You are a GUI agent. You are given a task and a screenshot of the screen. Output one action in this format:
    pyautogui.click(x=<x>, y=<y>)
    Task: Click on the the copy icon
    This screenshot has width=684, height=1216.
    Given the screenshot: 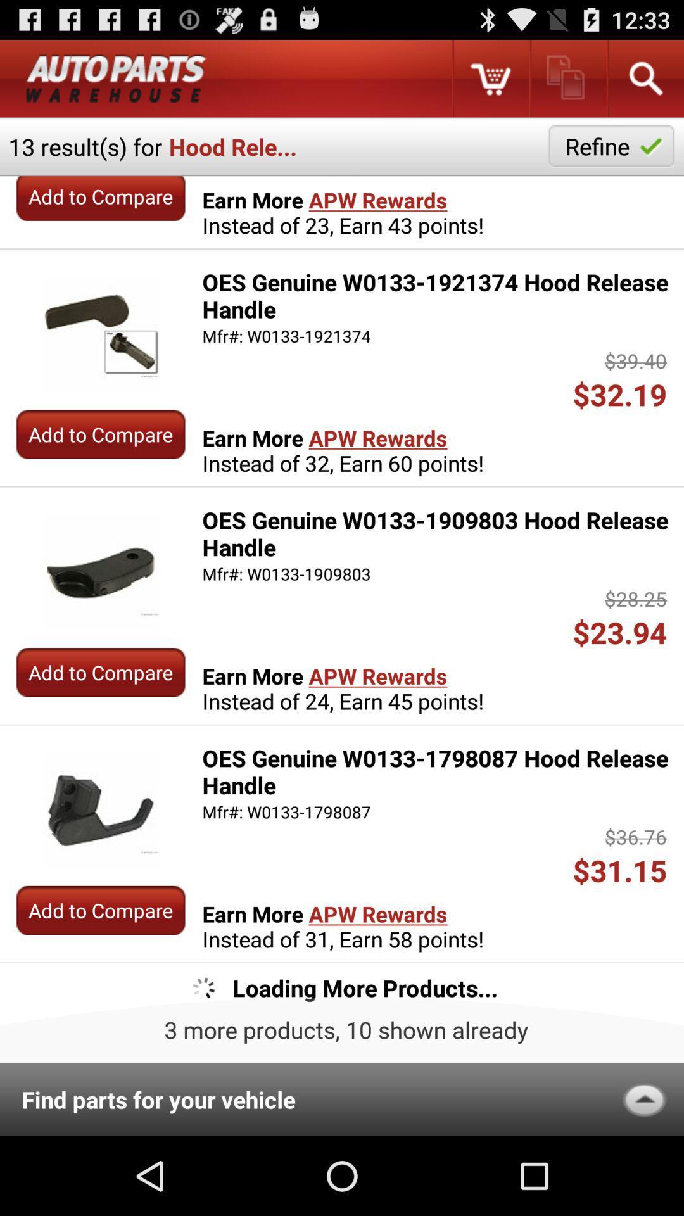 What is the action you would take?
    pyautogui.click(x=567, y=83)
    